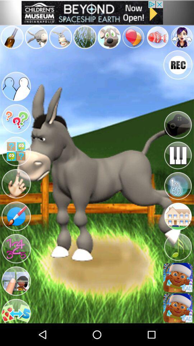 This screenshot has width=194, height=346. Describe the element at coordinates (15, 330) in the screenshot. I see `the swap icon` at that location.